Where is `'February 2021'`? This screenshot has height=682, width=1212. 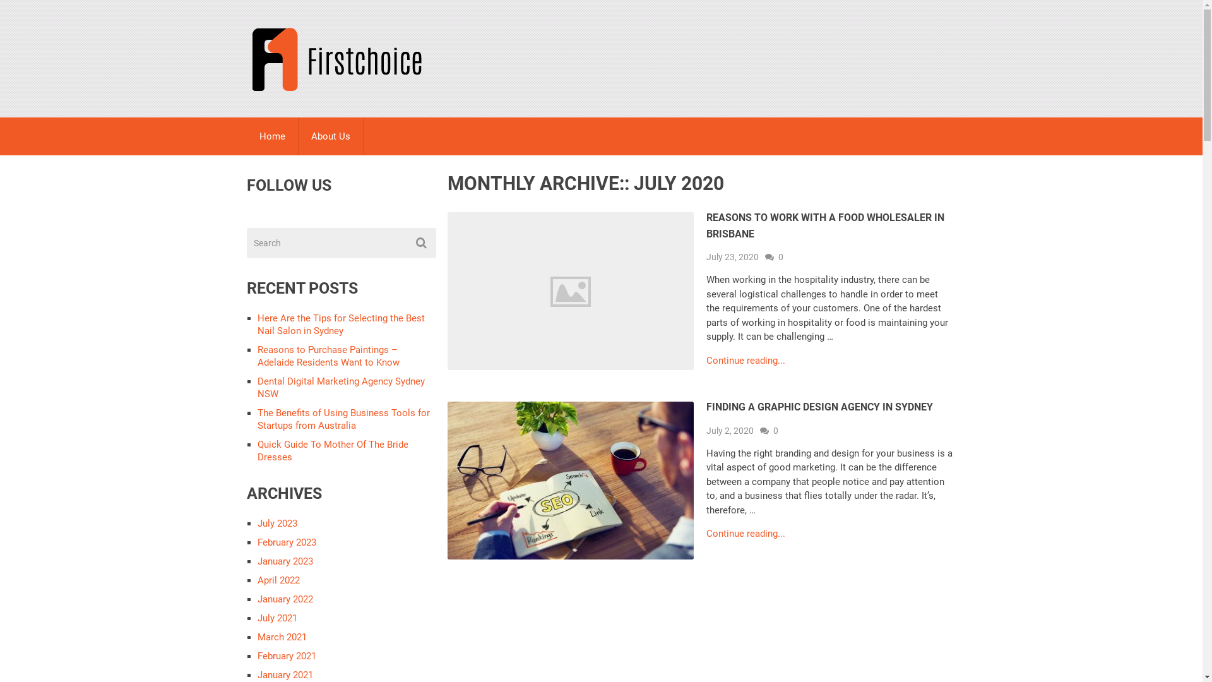
'February 2021' is located at coordinates (286, 655).